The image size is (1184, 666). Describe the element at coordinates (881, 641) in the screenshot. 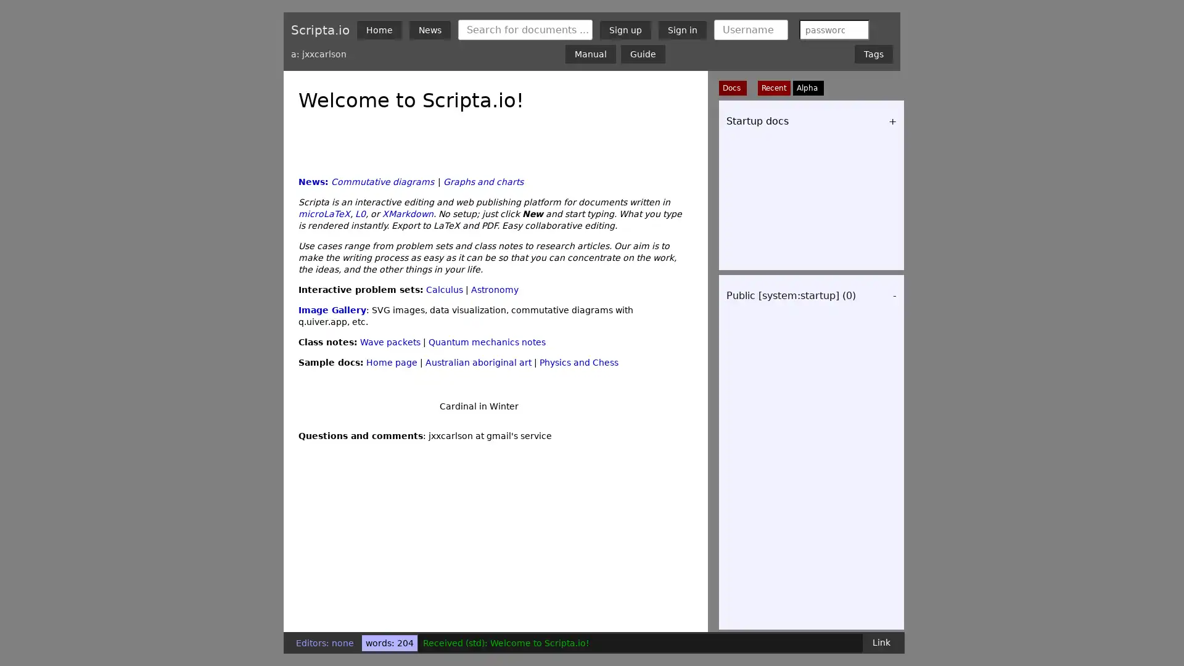

I see `Link External link to public document` at that location.